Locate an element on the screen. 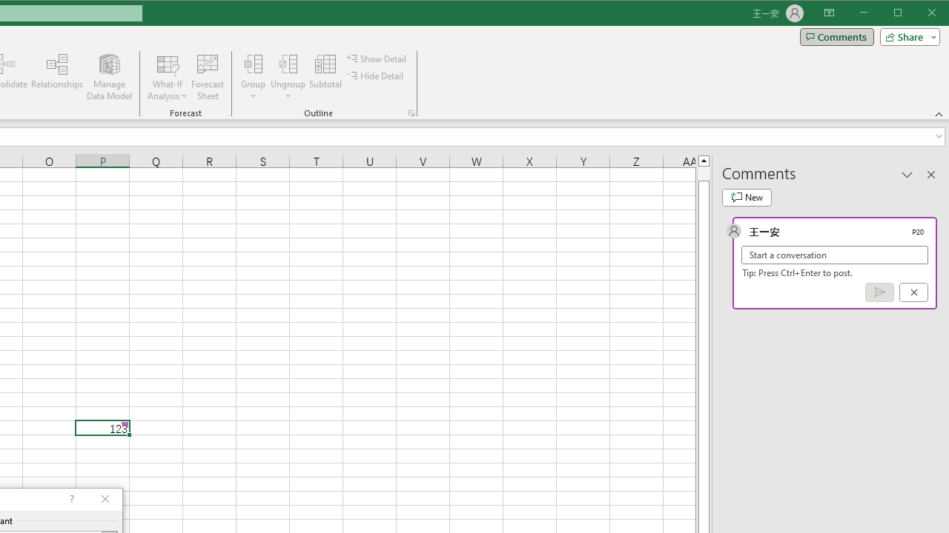 This screenshot has height=533, width=949. 'Maximize' is located at coordinates (918, 14).